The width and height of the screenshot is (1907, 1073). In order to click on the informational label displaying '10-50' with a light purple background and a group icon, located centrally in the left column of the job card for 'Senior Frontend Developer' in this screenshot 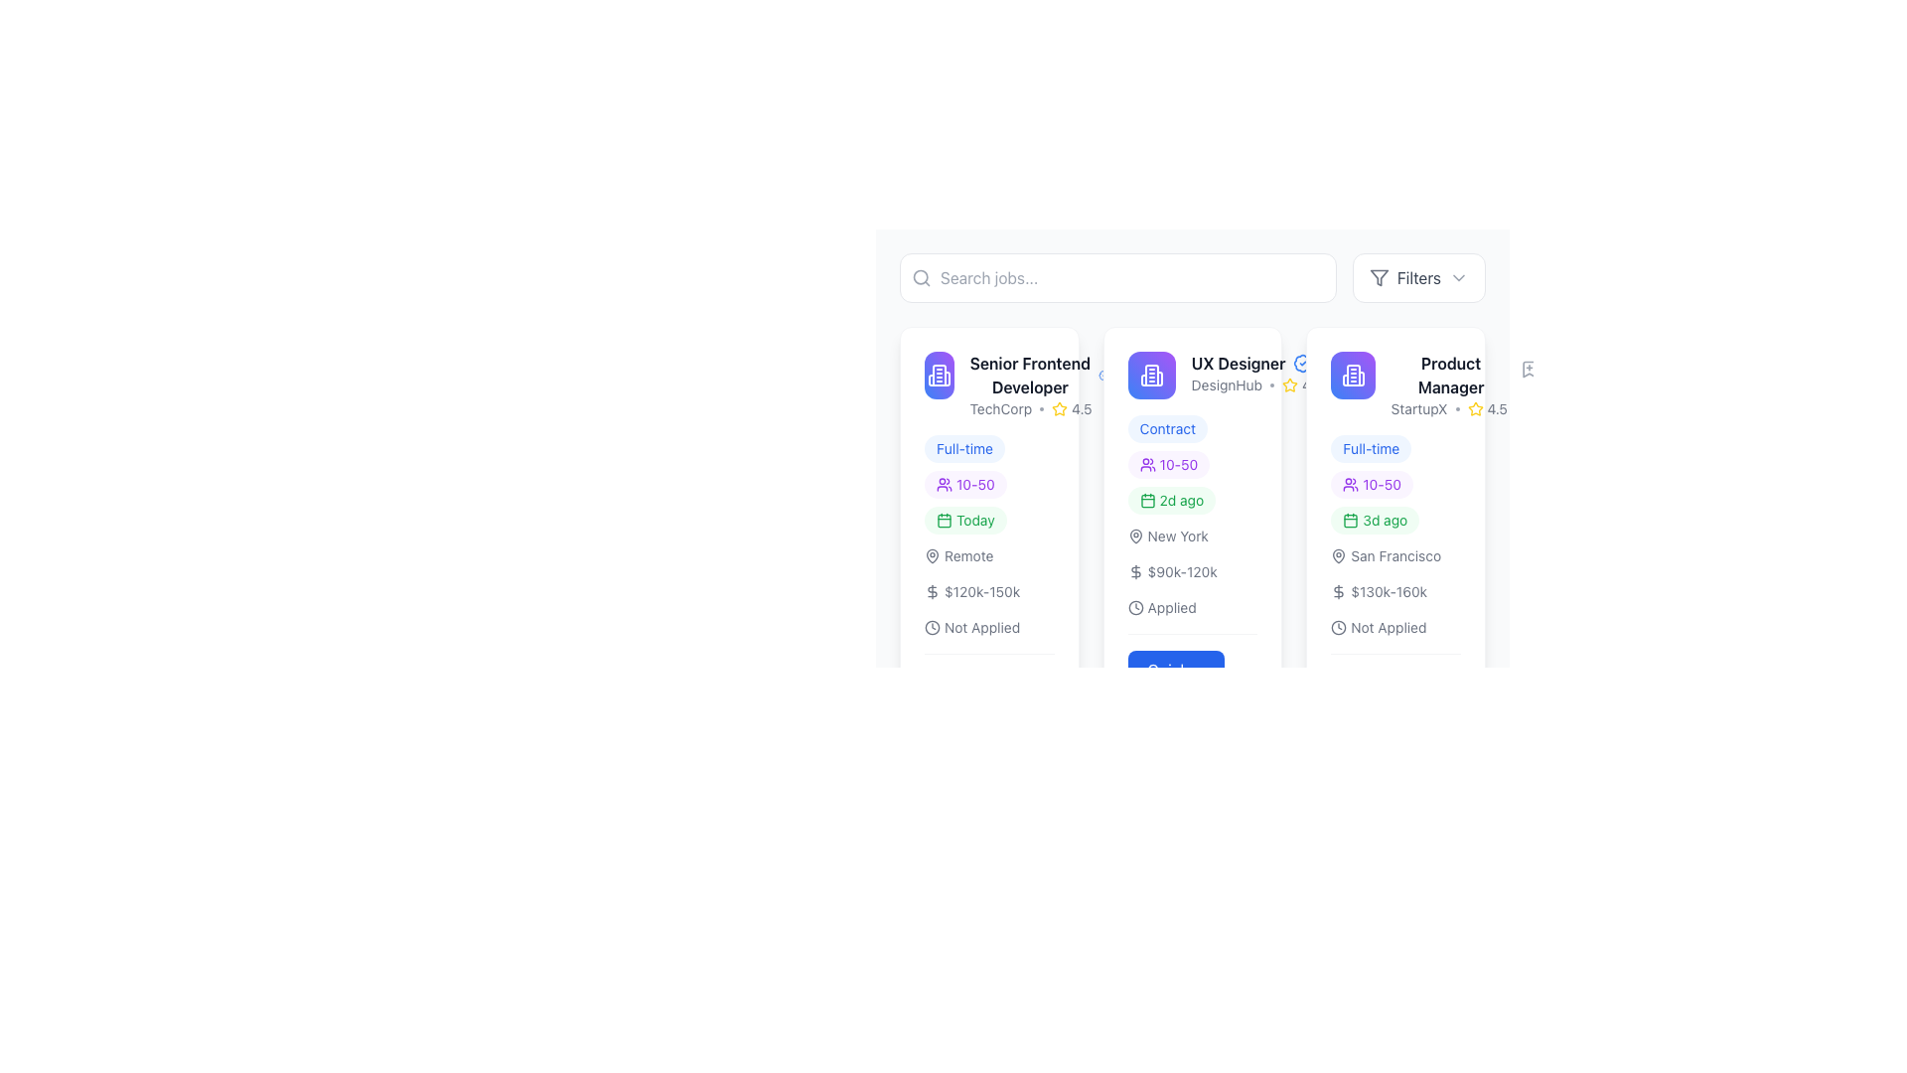, I will do `click(965, 485)`.